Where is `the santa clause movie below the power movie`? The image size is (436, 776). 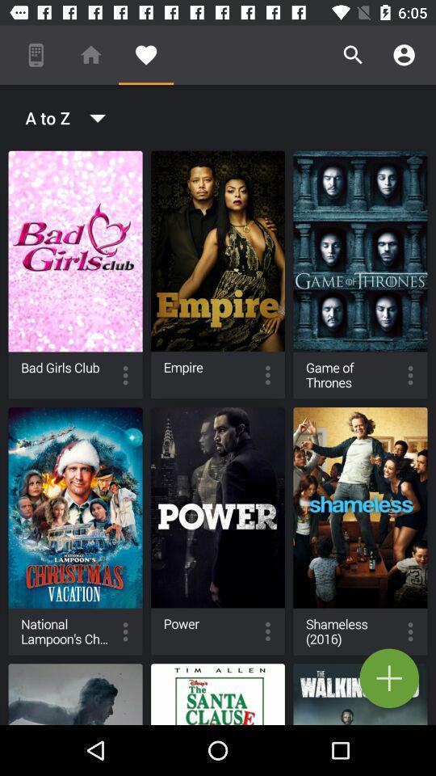
the santa clause movie below the power movie is located at coordinates (218, 694).